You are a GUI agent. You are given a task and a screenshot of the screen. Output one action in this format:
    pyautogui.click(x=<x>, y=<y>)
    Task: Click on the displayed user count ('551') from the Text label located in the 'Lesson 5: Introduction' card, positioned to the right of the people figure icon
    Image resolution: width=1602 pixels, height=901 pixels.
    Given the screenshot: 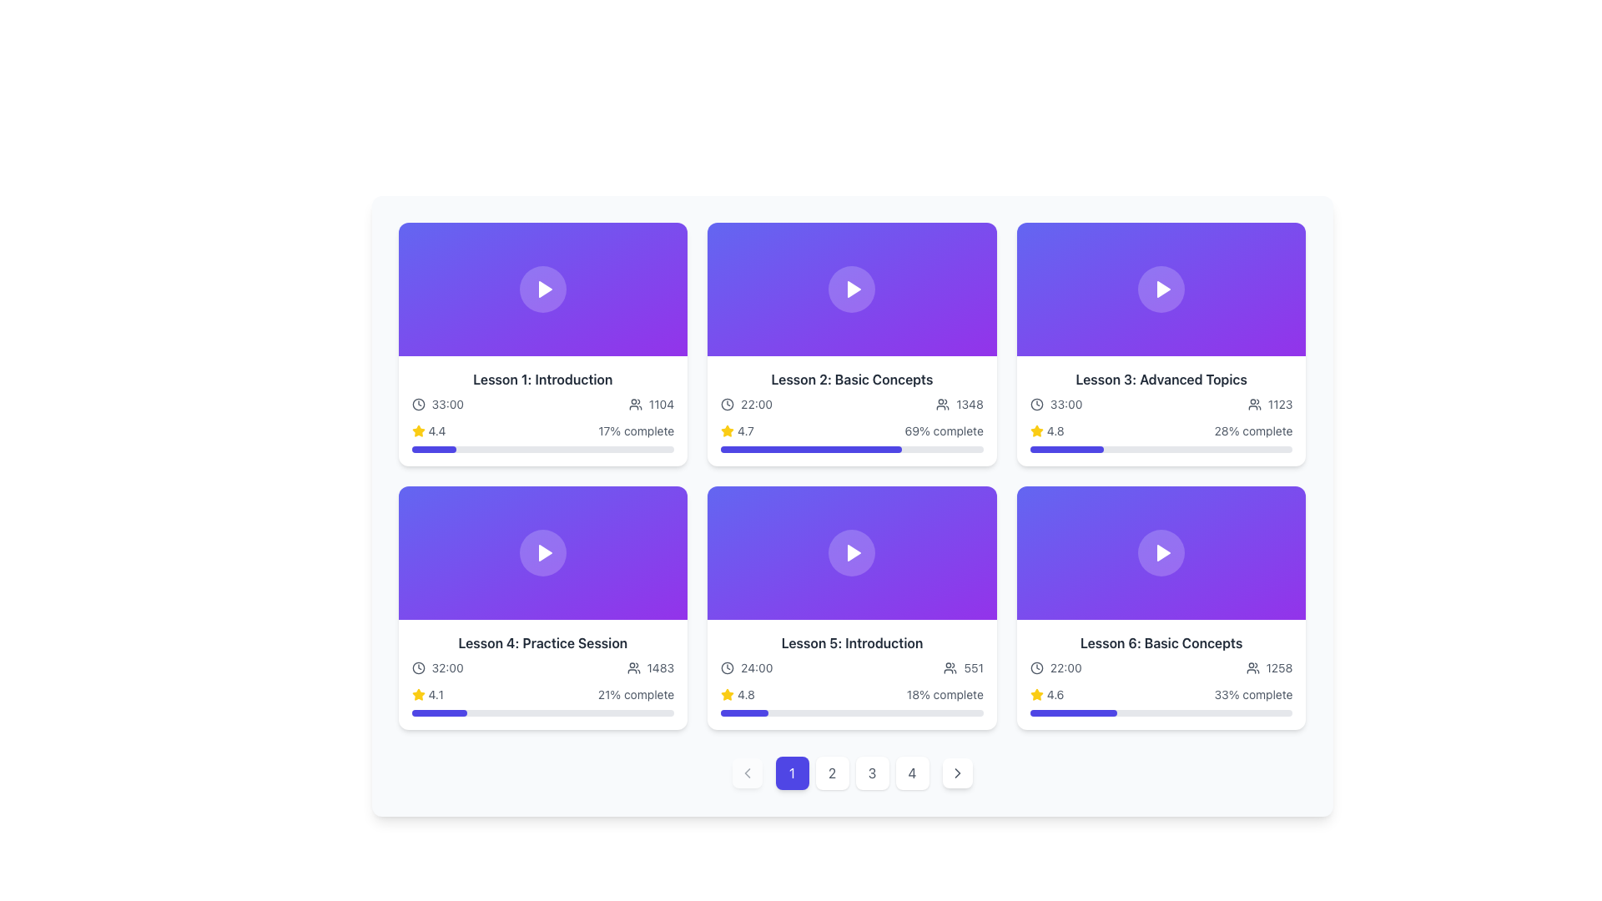 What is the action you would take?
    pyautogui.click(x=974, y=667)
    